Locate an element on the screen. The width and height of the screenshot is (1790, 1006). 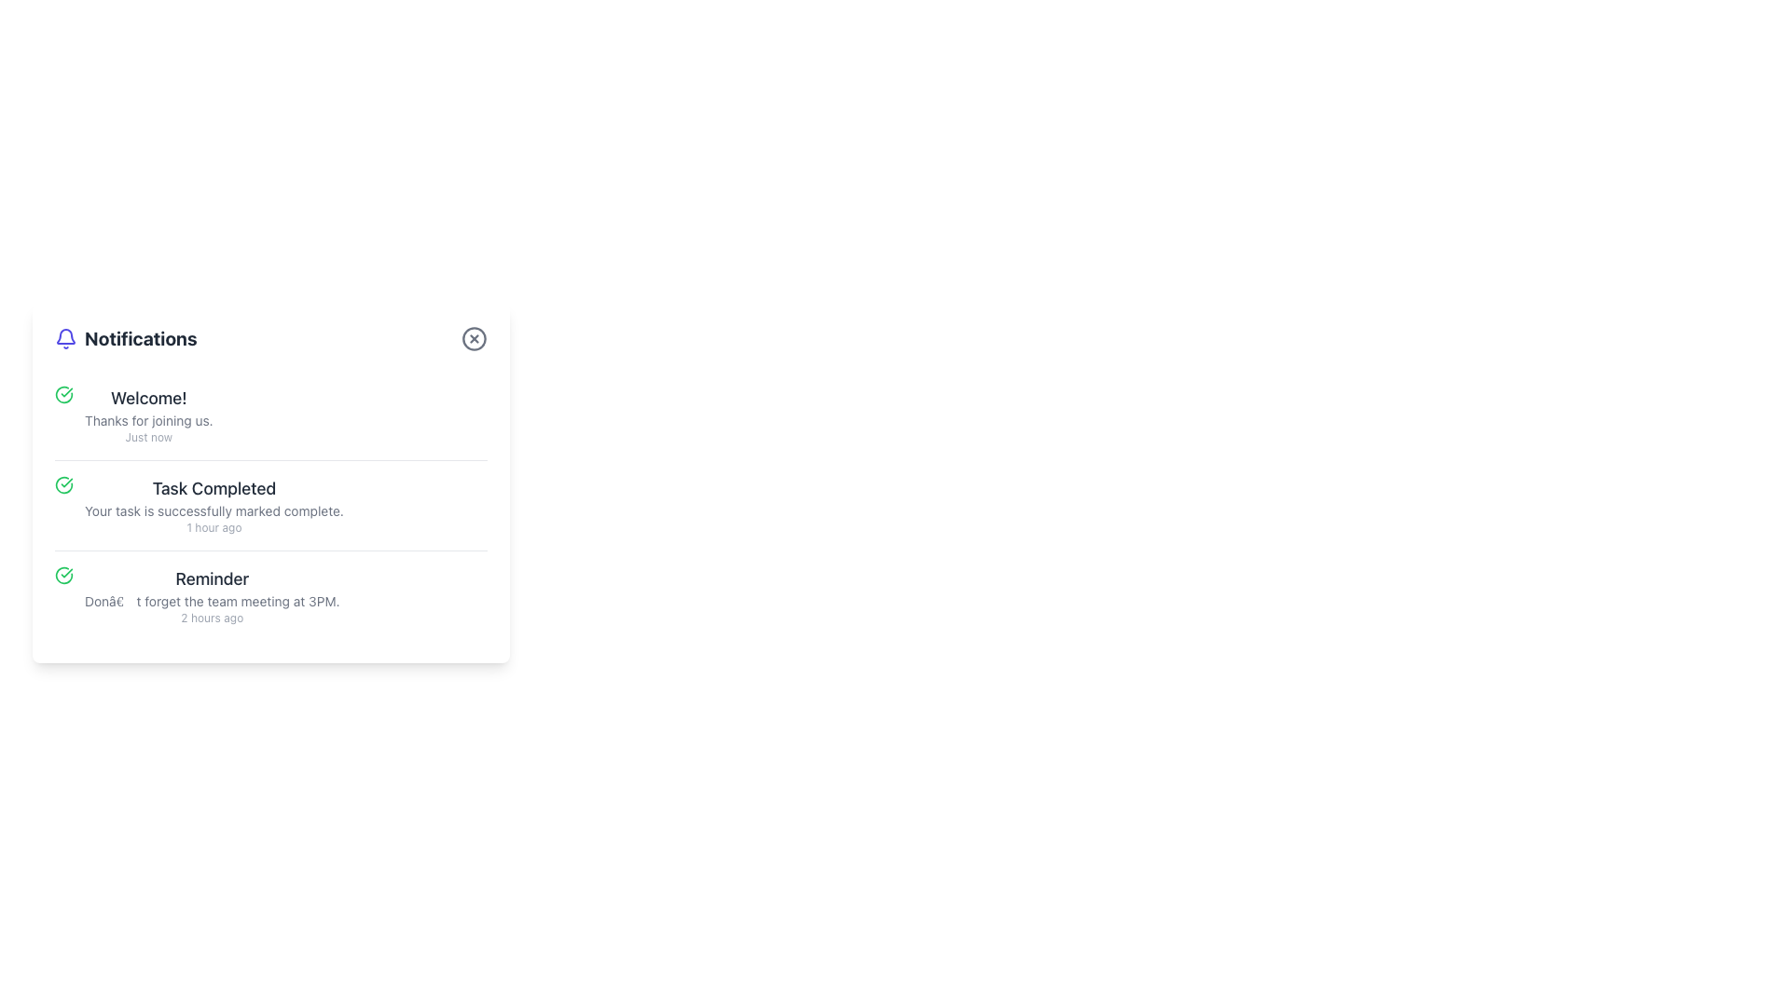
the bell icon indicating notifications, located to the left of the 'Notifications' text in the top-left corner of the notification card is located at coordinates (66, 338).